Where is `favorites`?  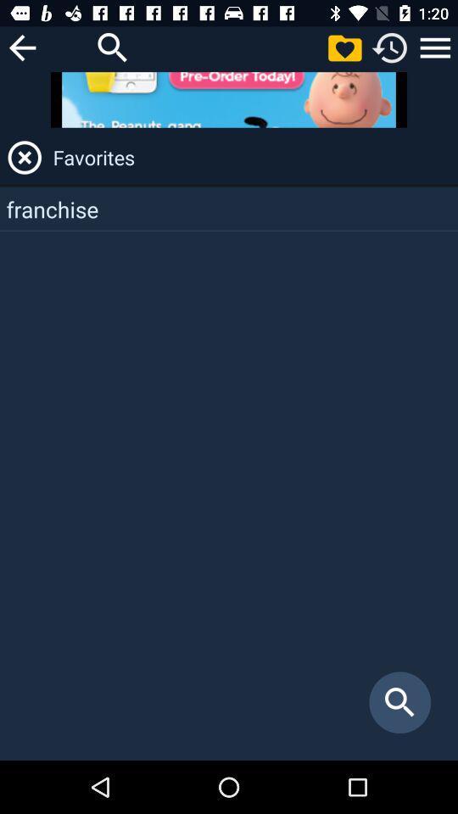 favorites is located at coordinates (24, 157).